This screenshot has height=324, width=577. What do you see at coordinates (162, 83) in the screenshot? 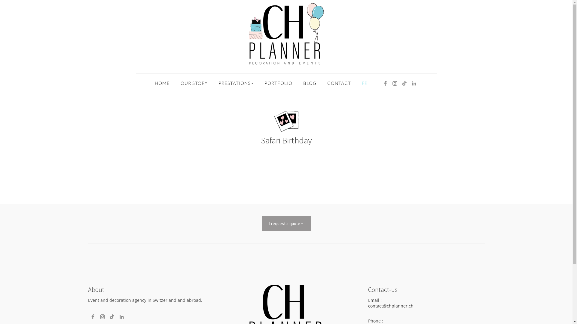
I see `'HOME'` at bounding box center [162, 83].